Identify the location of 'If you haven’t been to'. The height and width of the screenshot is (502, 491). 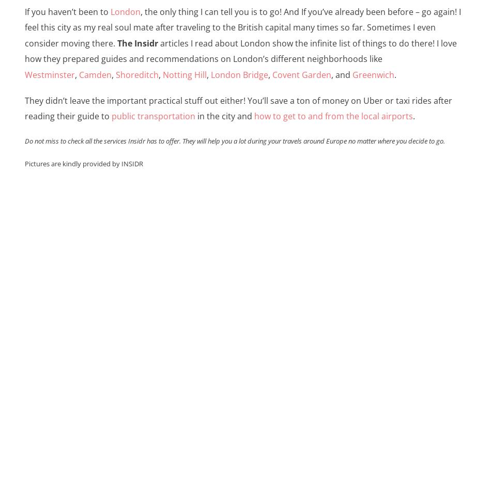
(67, 12).